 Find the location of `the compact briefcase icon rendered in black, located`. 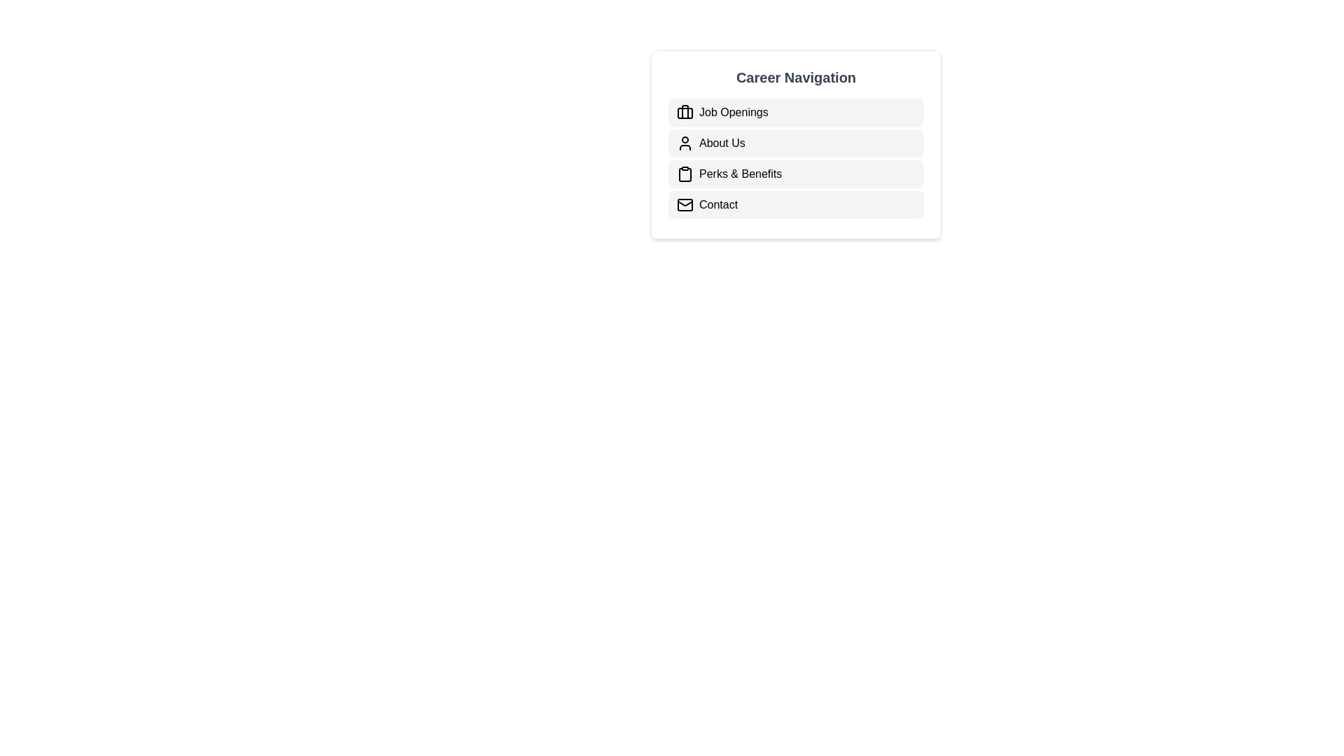

the compact briefcase icon rendered in black, located is located at coordinates (685, 112).